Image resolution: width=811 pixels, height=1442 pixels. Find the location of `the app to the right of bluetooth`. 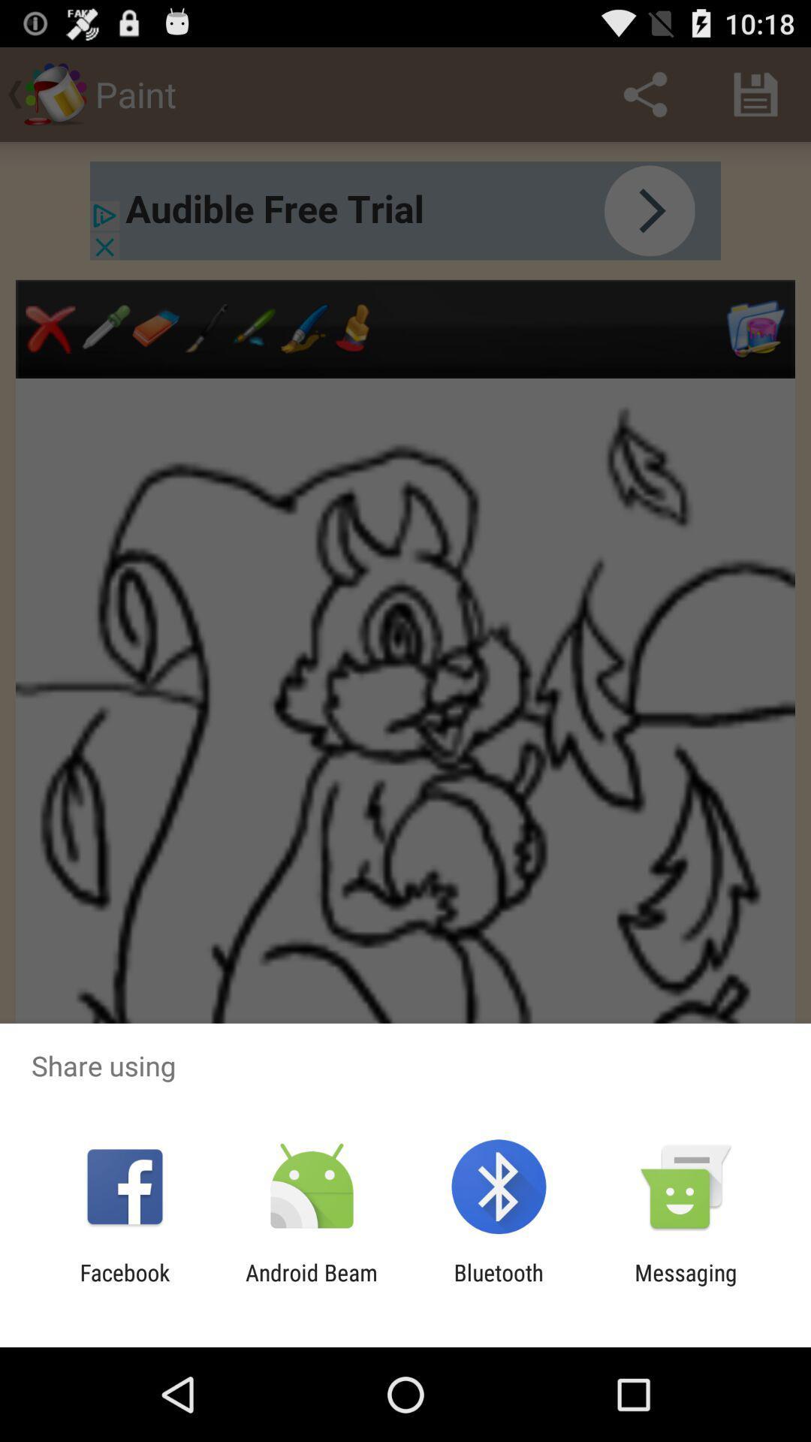

the app to the right of bluetooth is located at coordinates (686, 1285).